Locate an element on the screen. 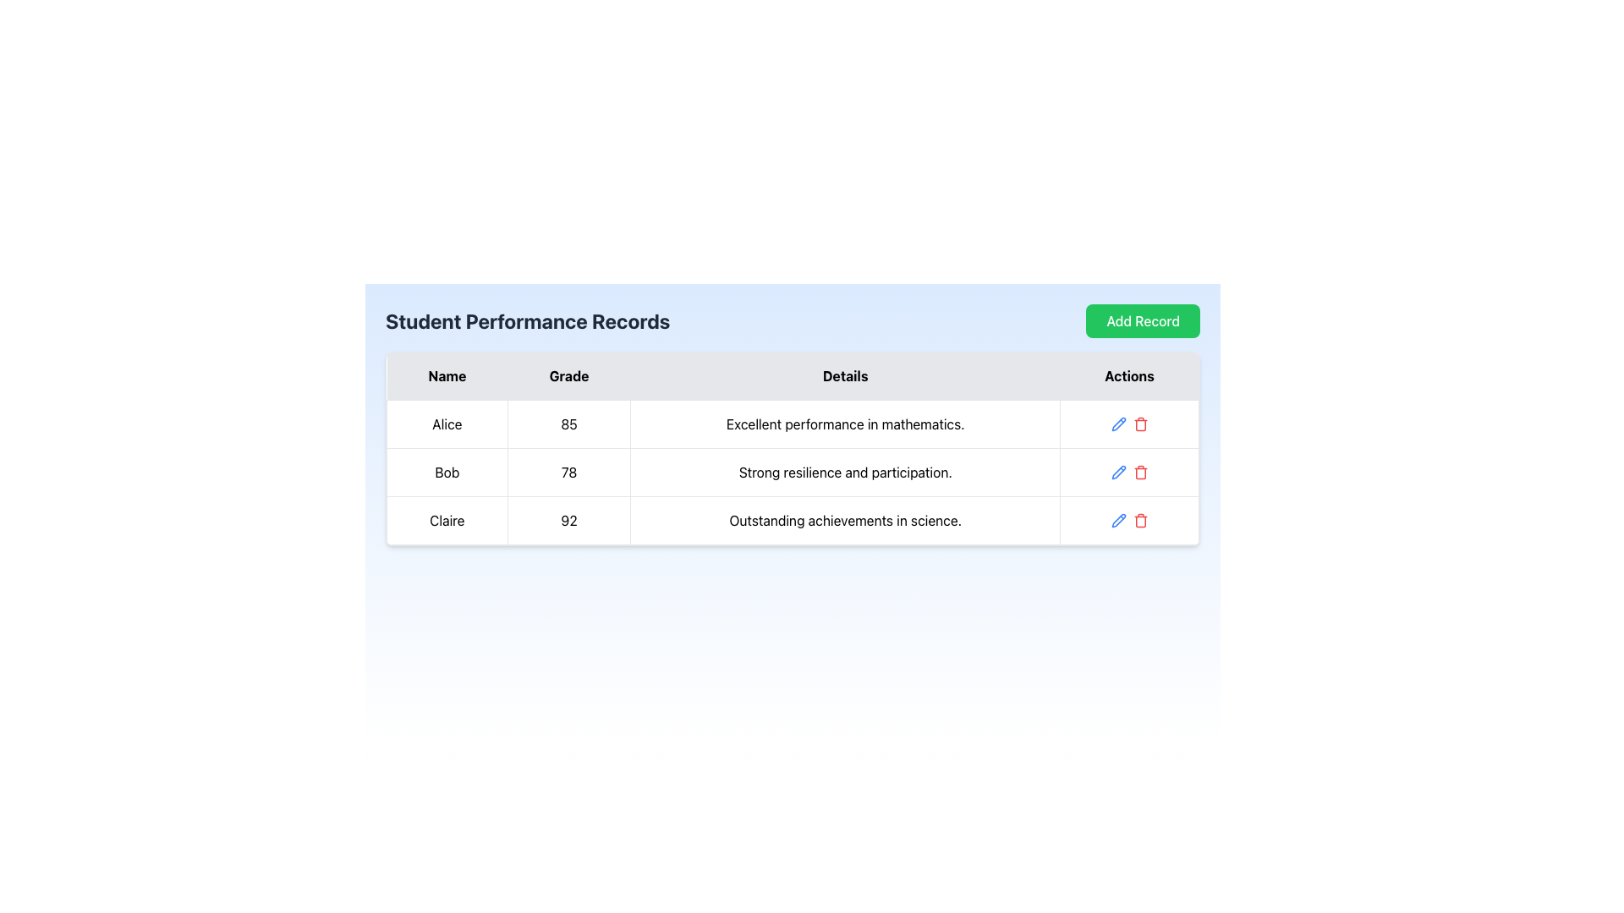  the interactive action icon within the 'Actions' column of the second row for the record of 'Bob' in the table is located at coordinates (1128, 473).